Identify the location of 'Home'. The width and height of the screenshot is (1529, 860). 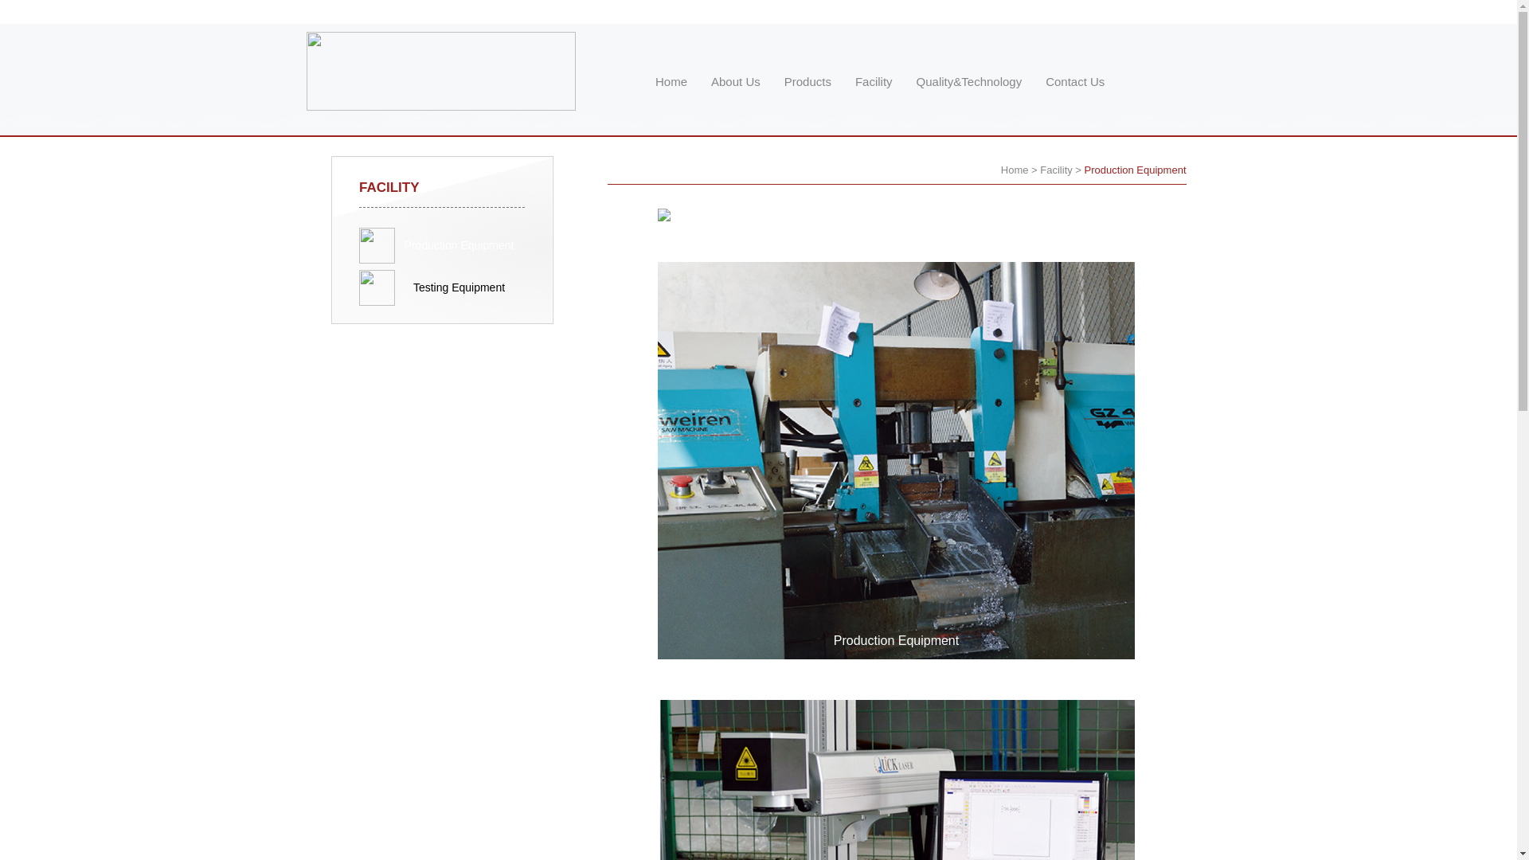
(1014, 170).